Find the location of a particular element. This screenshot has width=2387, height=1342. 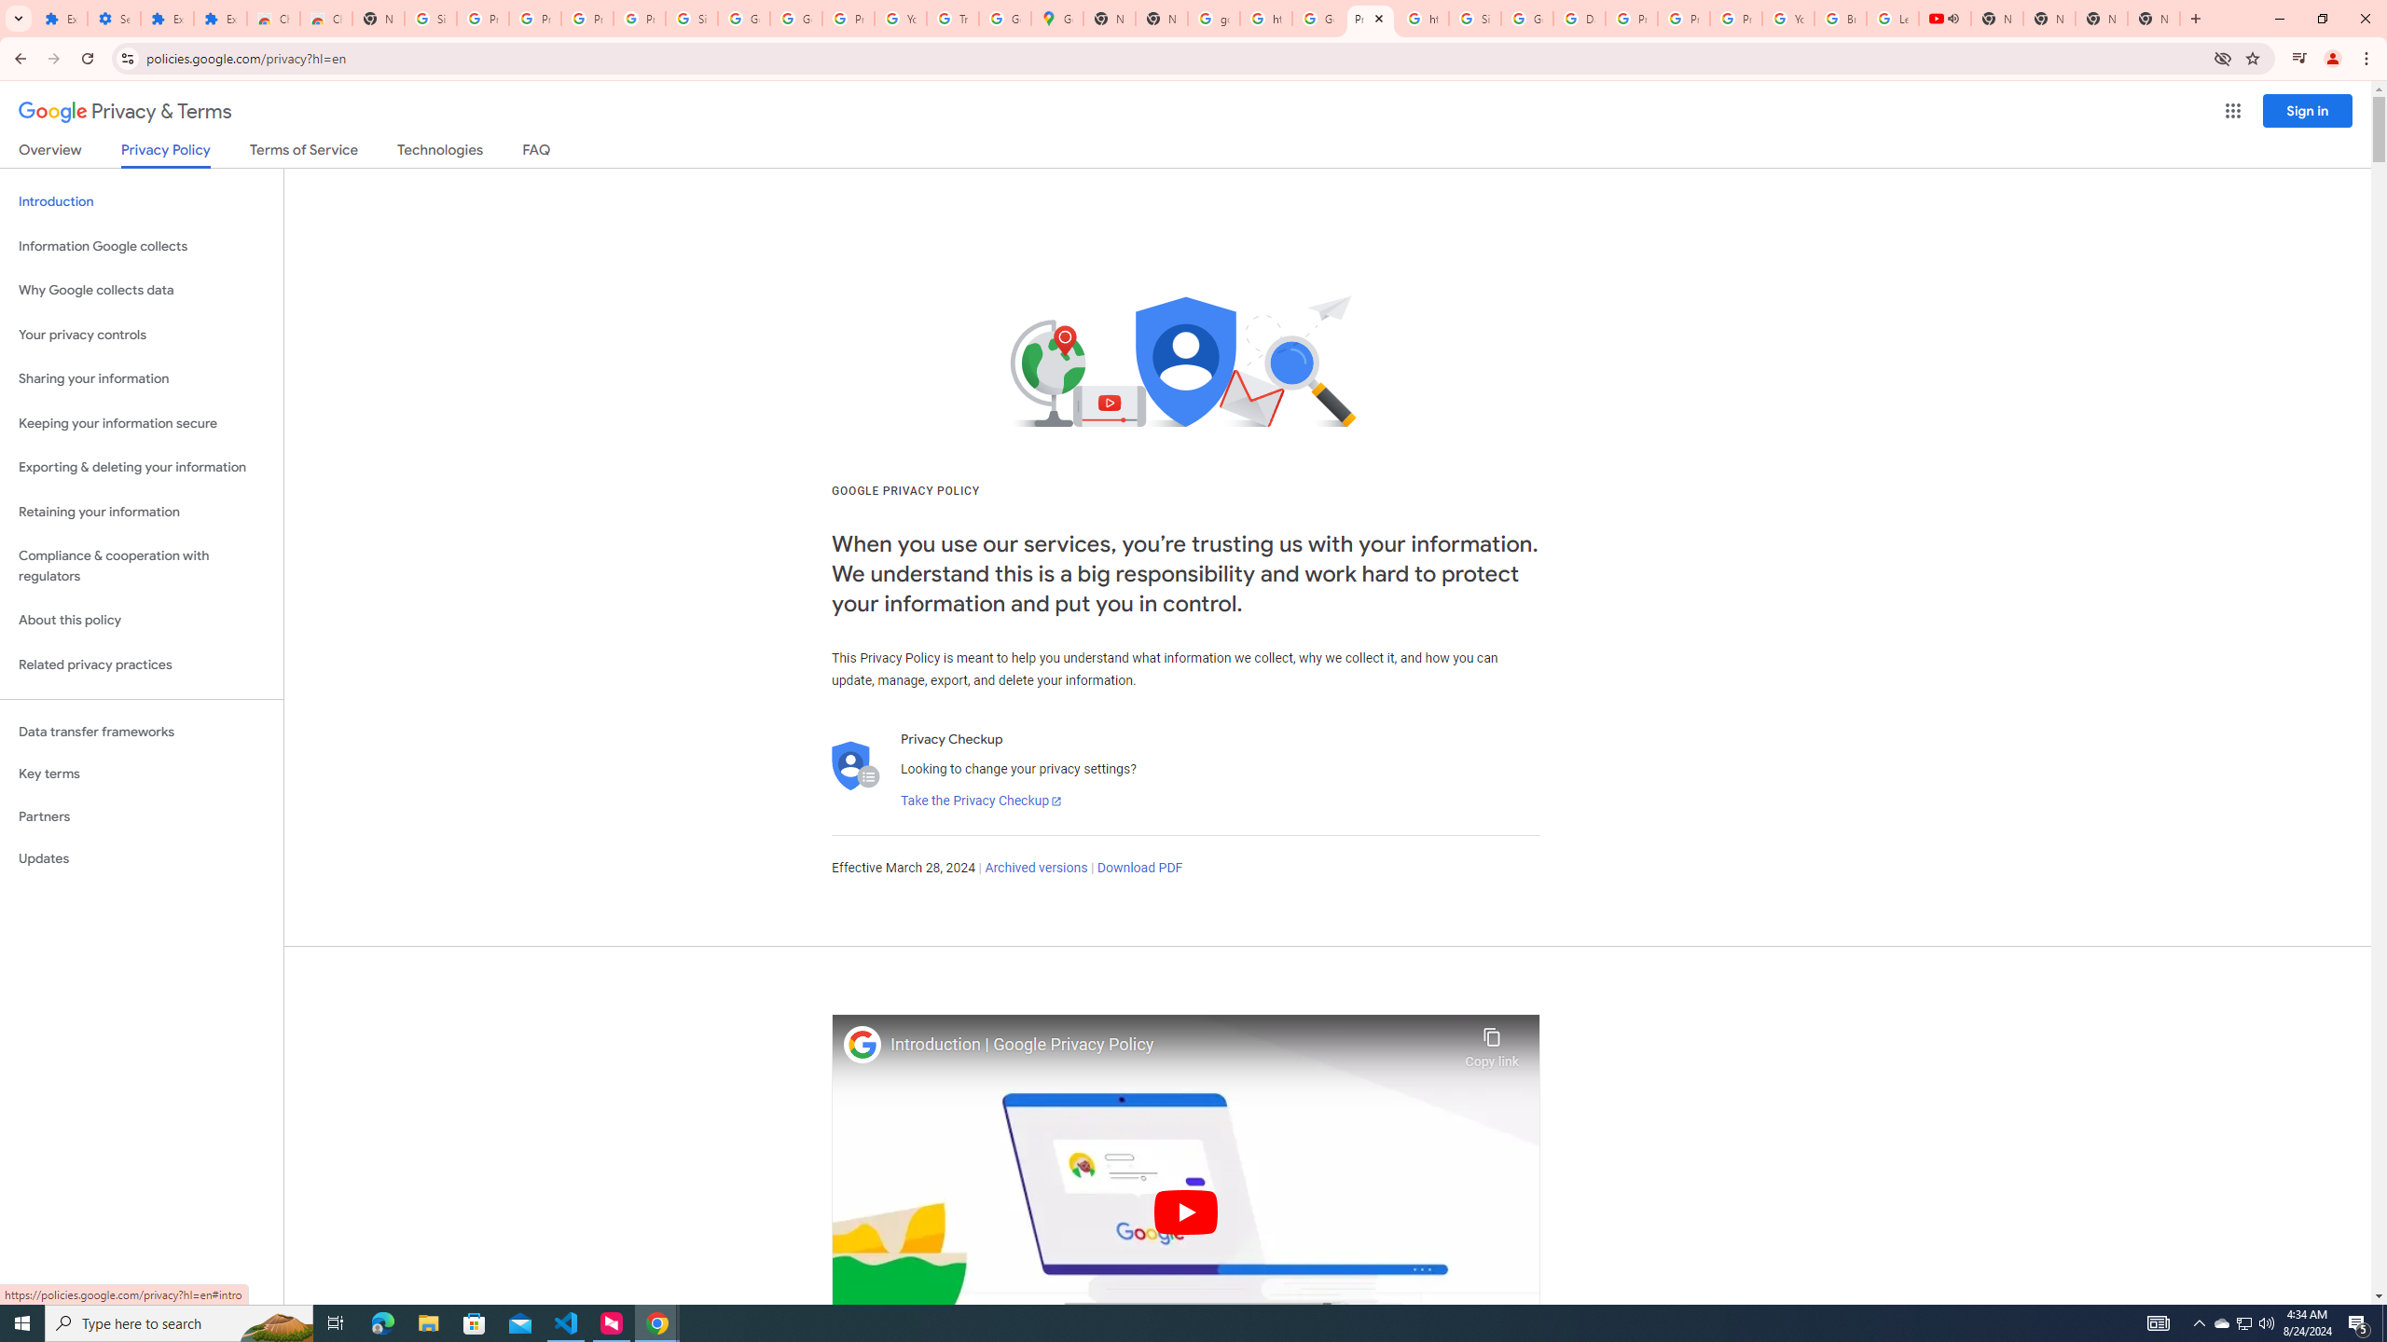

'Partners' is located at coordinates (141, 816).